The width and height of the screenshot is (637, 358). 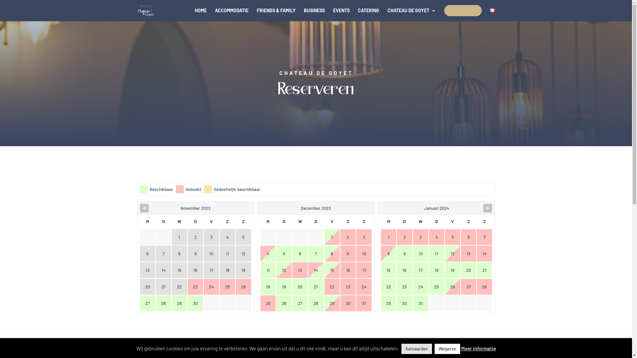 I want to click on 'RESERVEREN', so click(x=462, y=10).